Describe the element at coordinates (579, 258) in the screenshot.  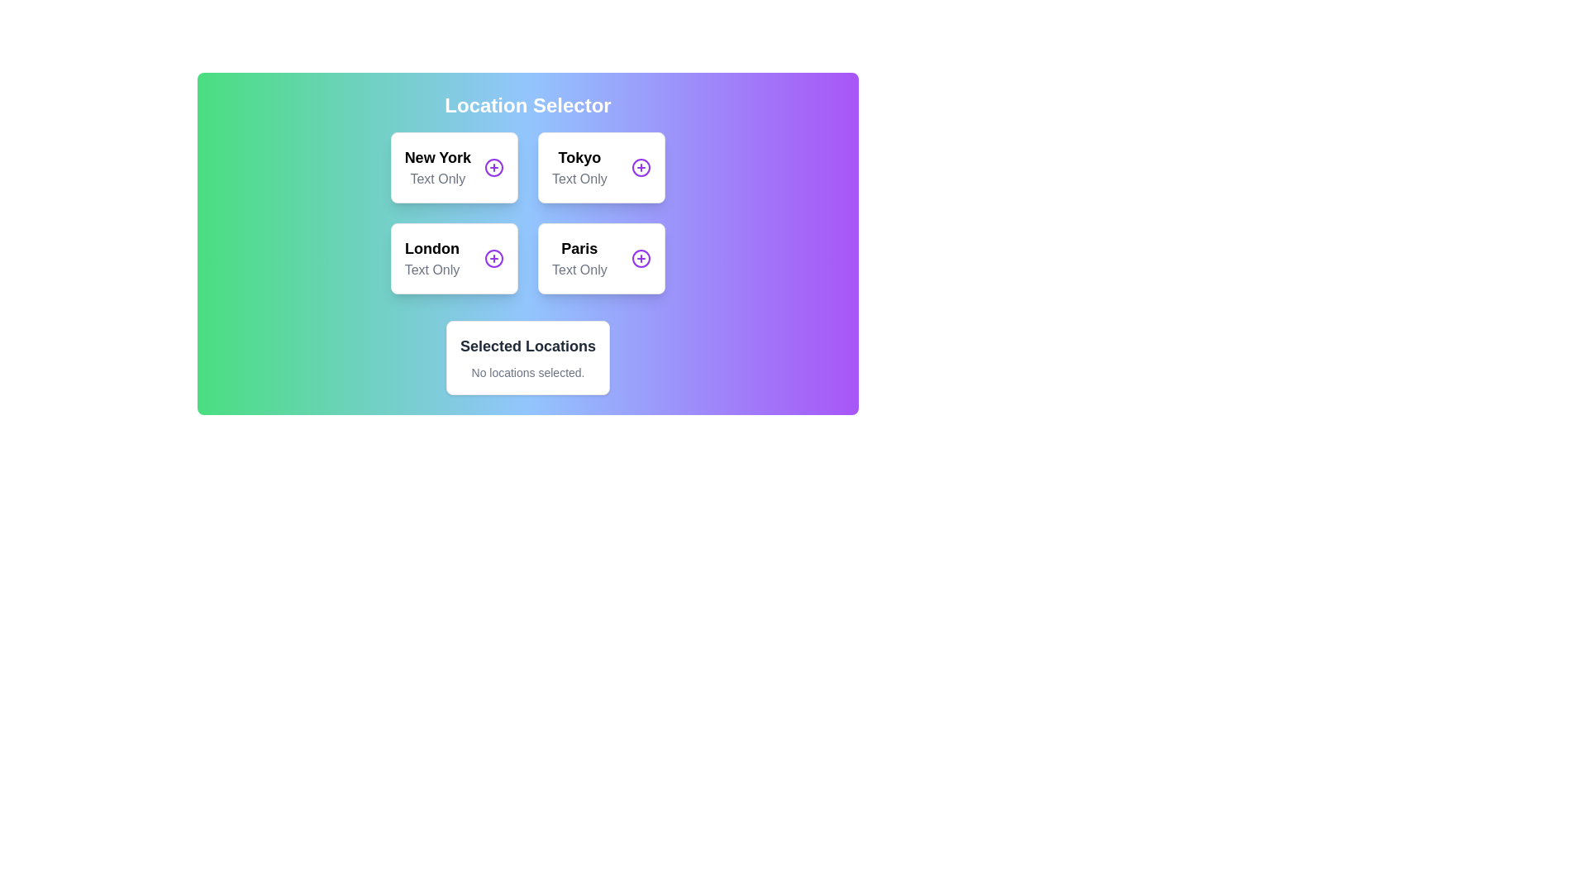
I see `the Text label composite displaying 'Paris' and 'Text Only', which is the second element in the second row of the grid layout` at that location.